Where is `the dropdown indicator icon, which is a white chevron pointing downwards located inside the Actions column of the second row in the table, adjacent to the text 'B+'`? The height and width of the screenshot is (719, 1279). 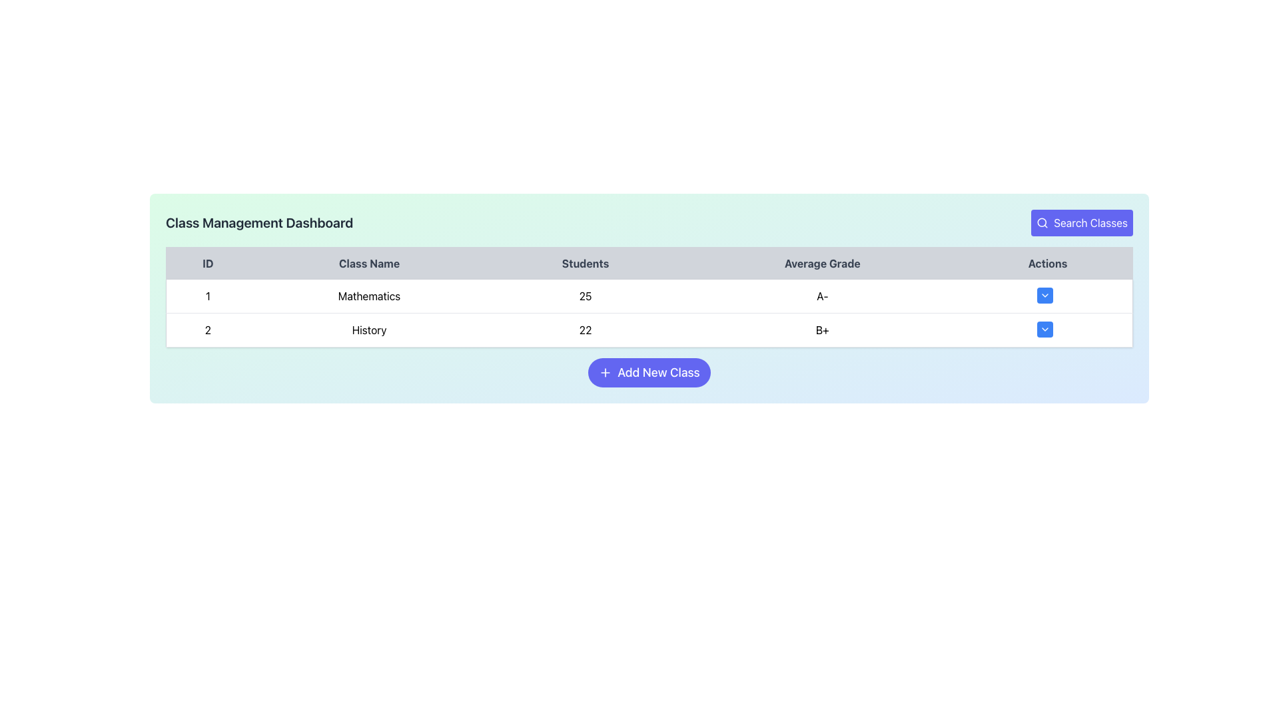
the dropdown indicator icon, which is a white chevron pointing downwards located inside the Actions column of the second row in the table, adjacent to the text 'B+' is located at coordinates (1044, 294).